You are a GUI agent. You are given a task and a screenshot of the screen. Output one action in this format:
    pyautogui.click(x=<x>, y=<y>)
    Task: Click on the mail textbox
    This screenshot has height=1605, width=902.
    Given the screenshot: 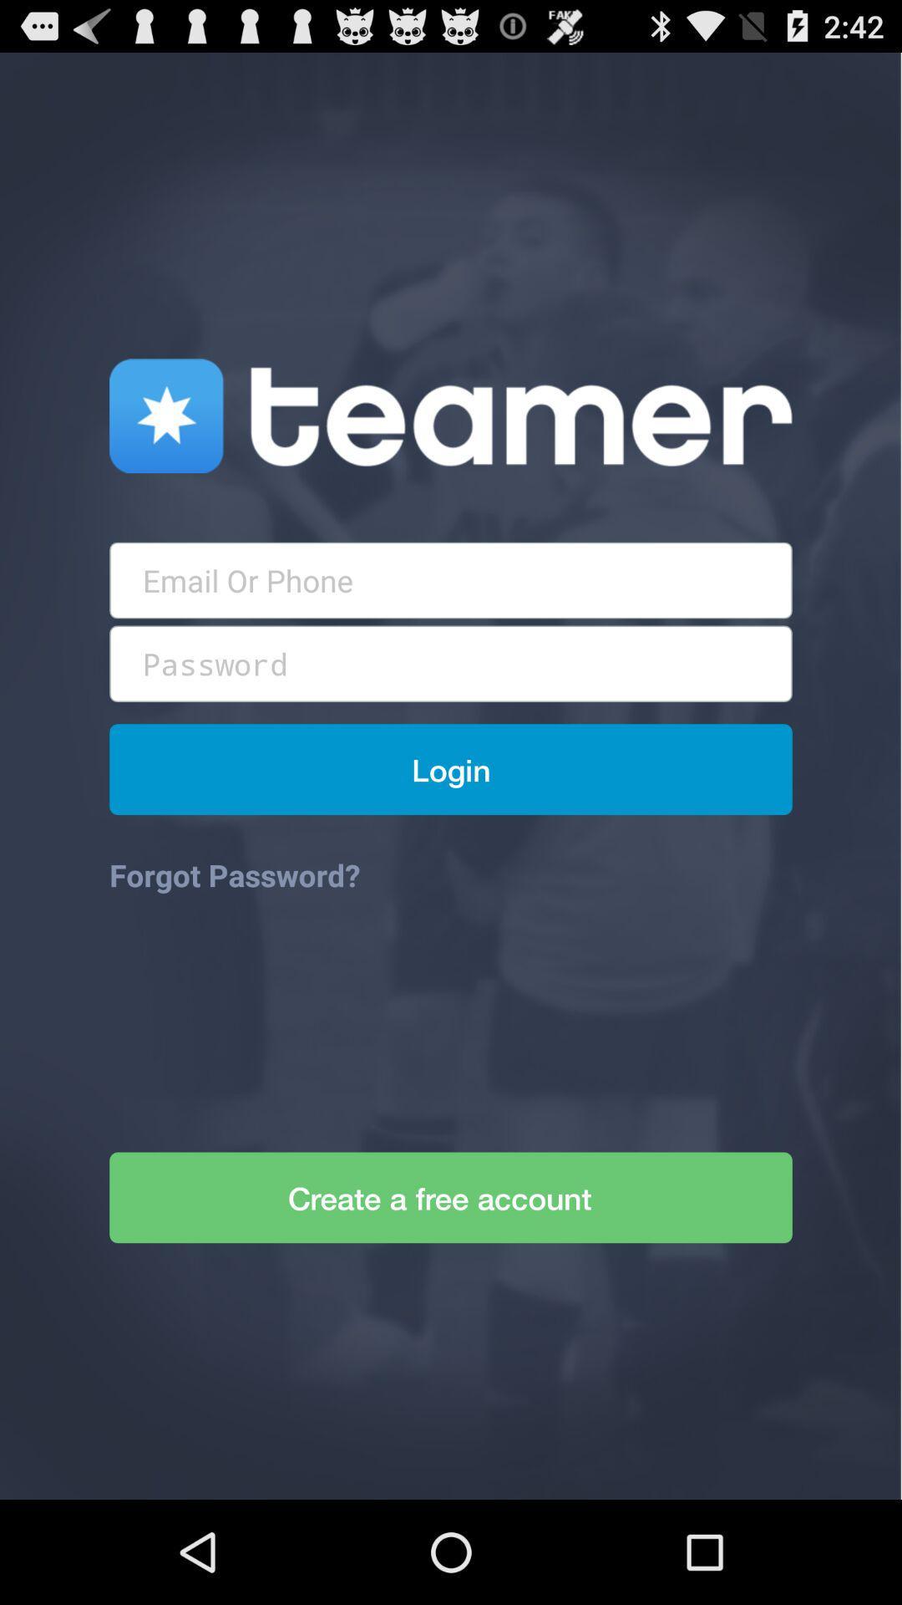 What is the action you would take?
    pyautogui.click(x=451, y=580)
    